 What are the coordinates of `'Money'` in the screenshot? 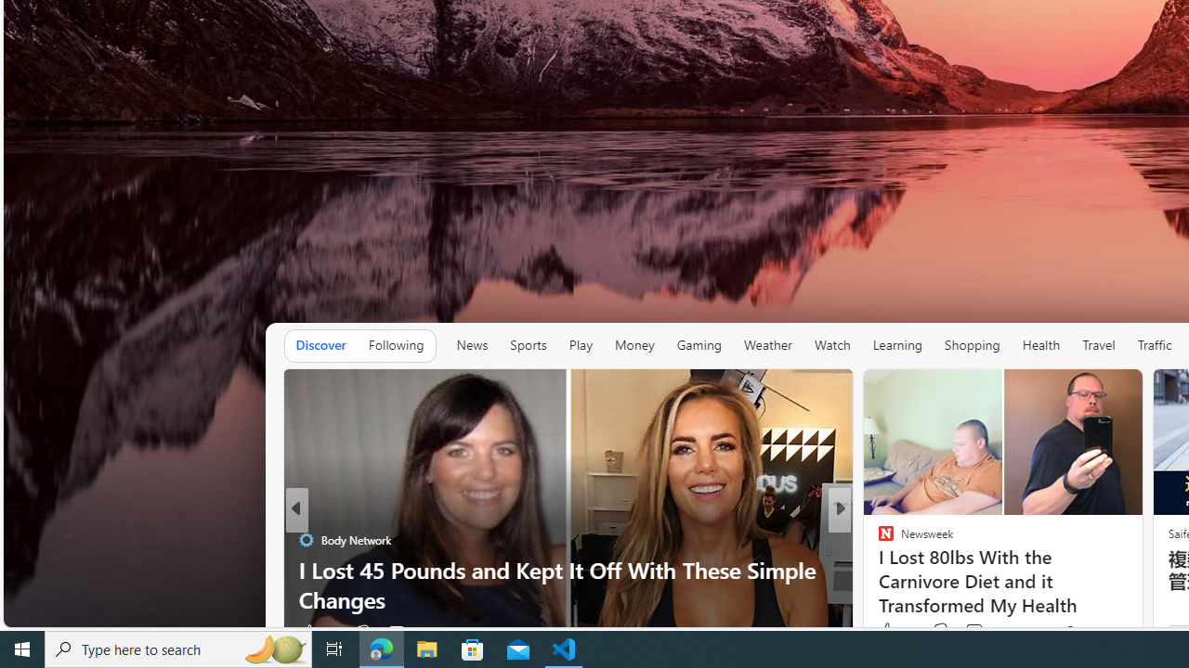 It's located at (634, 345).